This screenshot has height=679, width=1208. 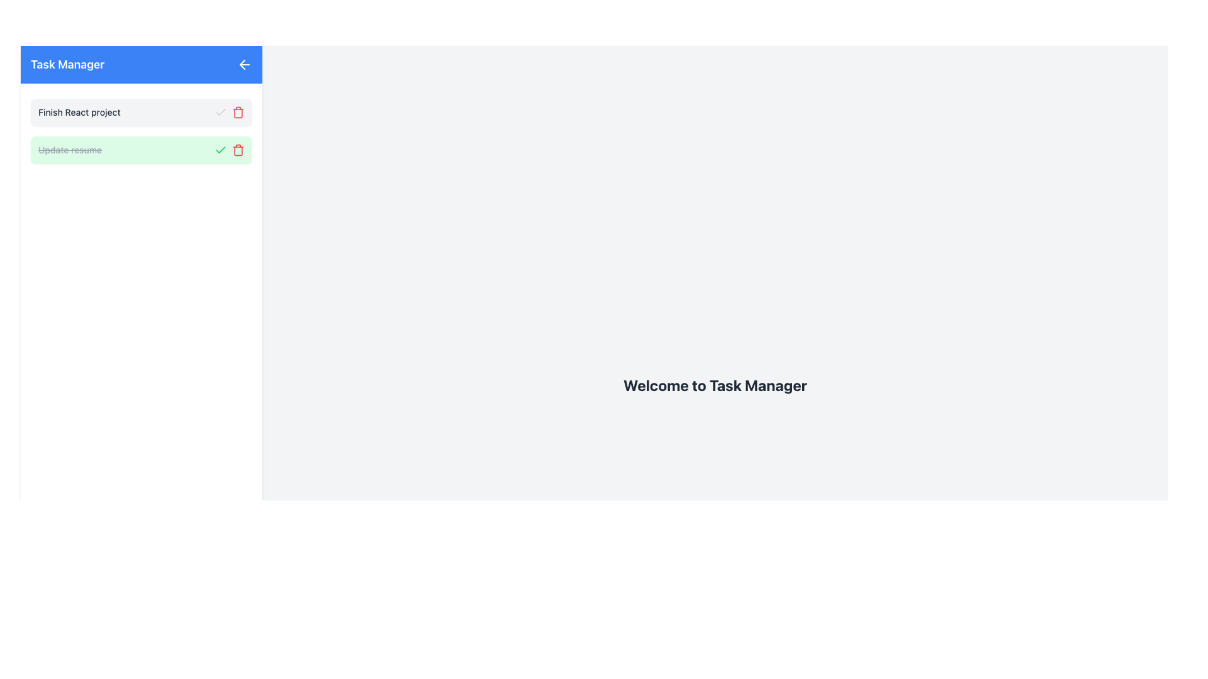 What do you see at coordinates (238, 150) in the screenshot?
I see `the delete button located on the right side of the task 'Update resume'` at bounding box center [238, 150].